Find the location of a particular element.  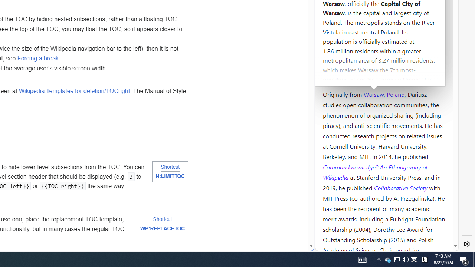

'Kozminski University' is located at coordinates (384, 50).